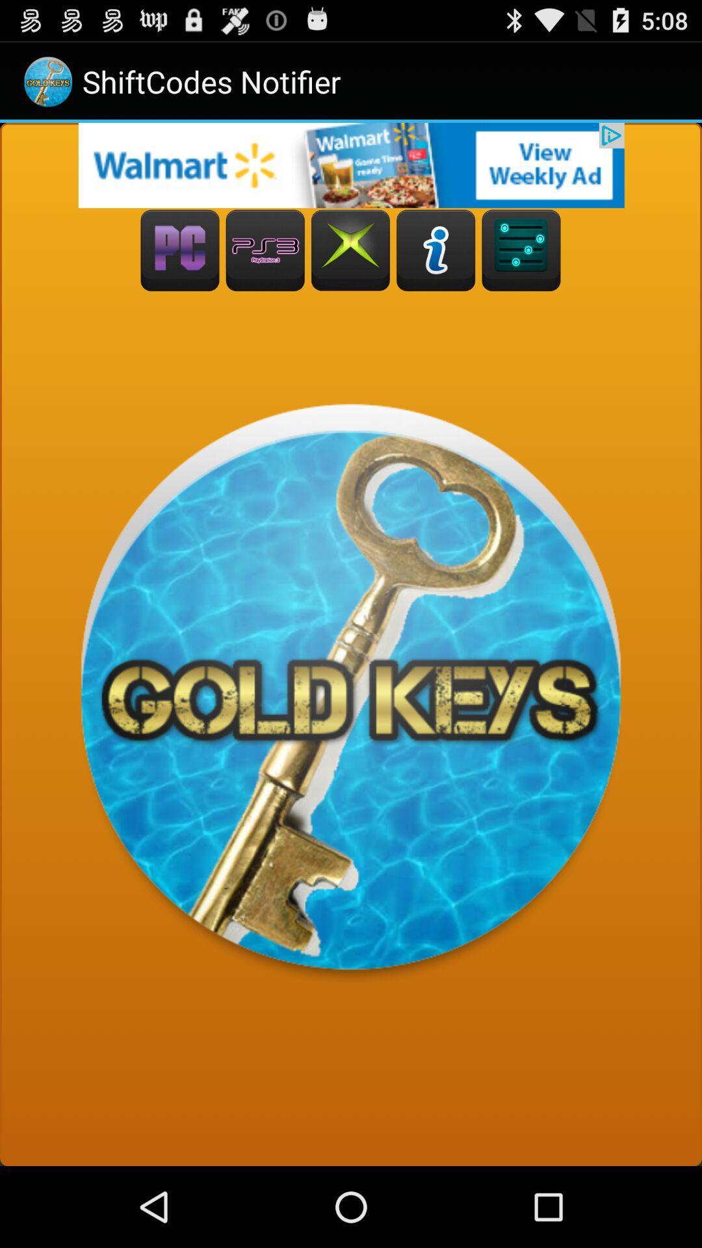 The width and height of the screenshot is (702, 1248). What do you see at coordinates (180, 250) in the screenshot?
I see `open pc games` at bounding box center [180, 250].